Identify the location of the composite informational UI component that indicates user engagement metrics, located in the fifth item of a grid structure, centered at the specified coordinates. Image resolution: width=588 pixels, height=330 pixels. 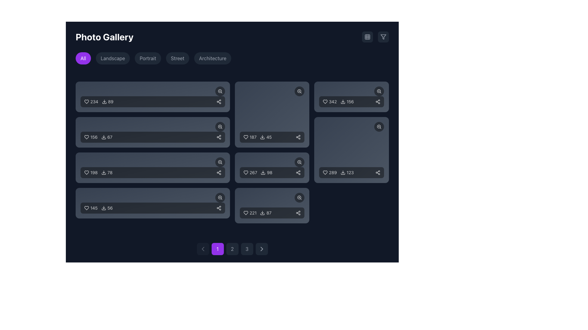
(257, 137).